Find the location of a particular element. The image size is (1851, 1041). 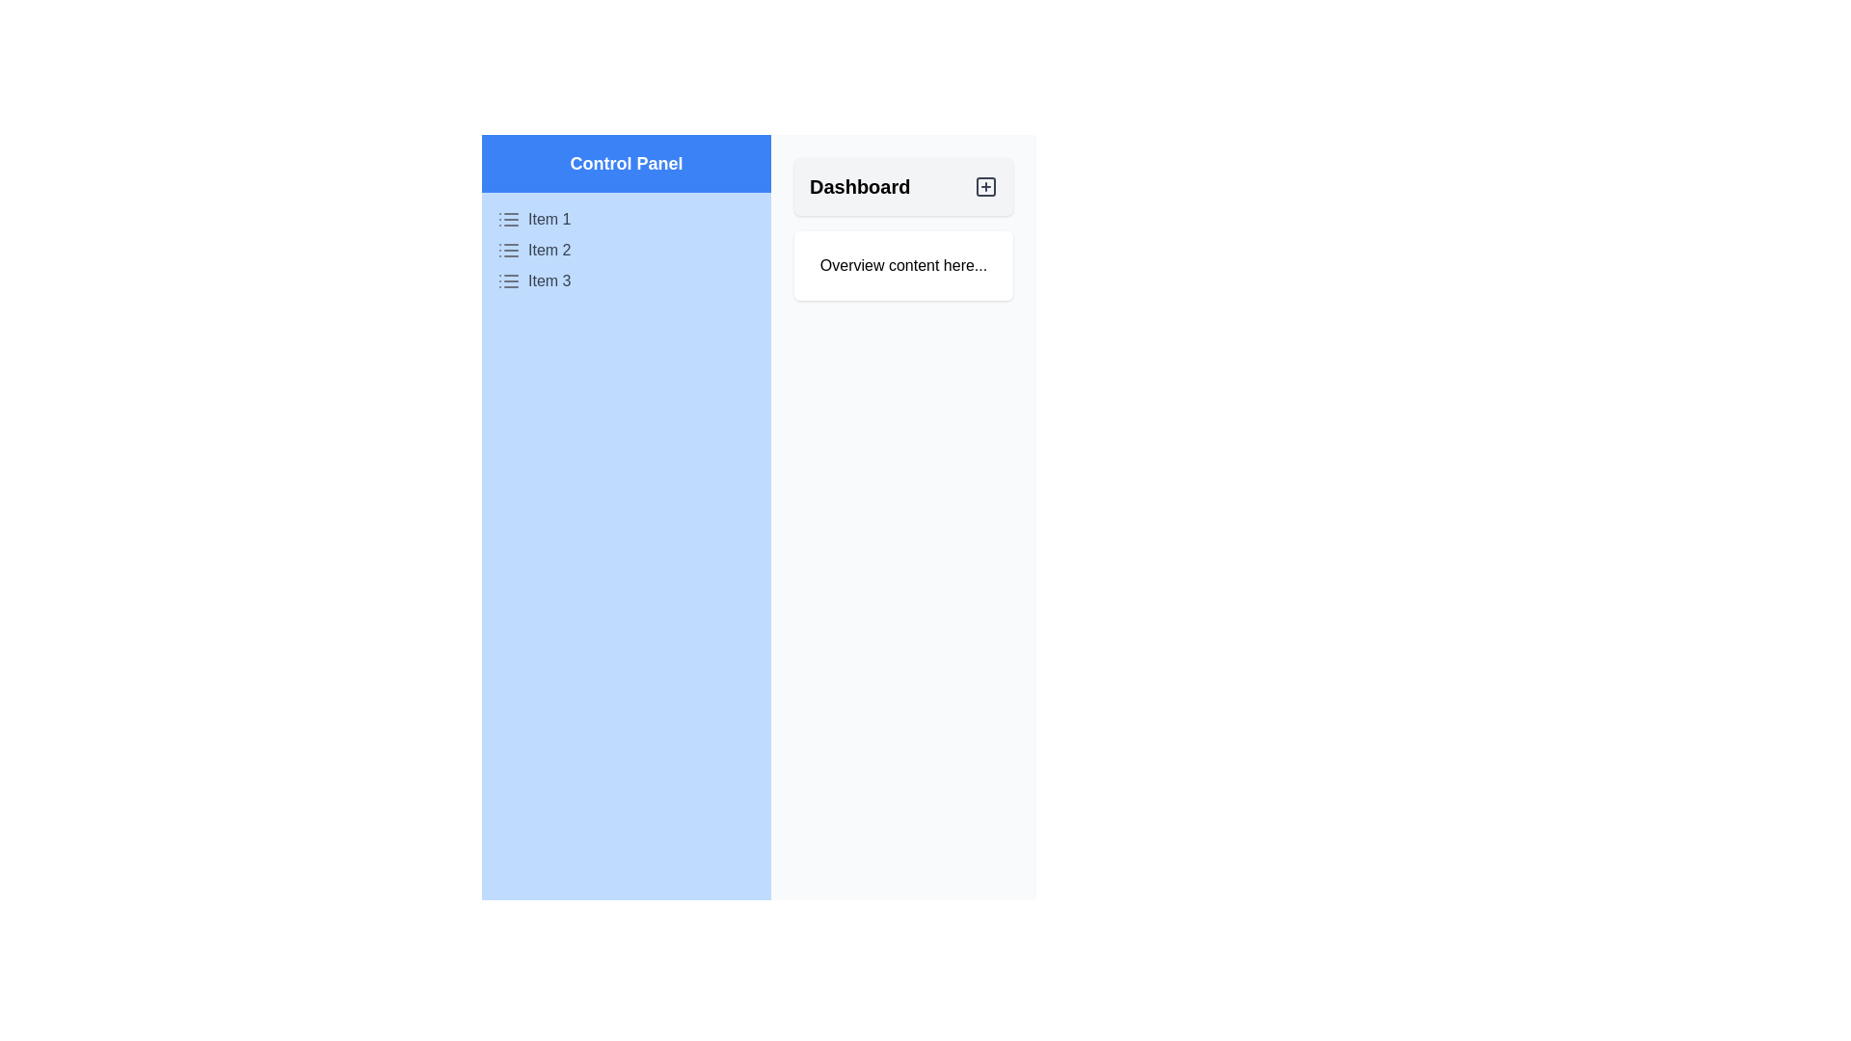

the 'Item 3' list item within the blue-colored control panel is located at coordinates (626, 281).